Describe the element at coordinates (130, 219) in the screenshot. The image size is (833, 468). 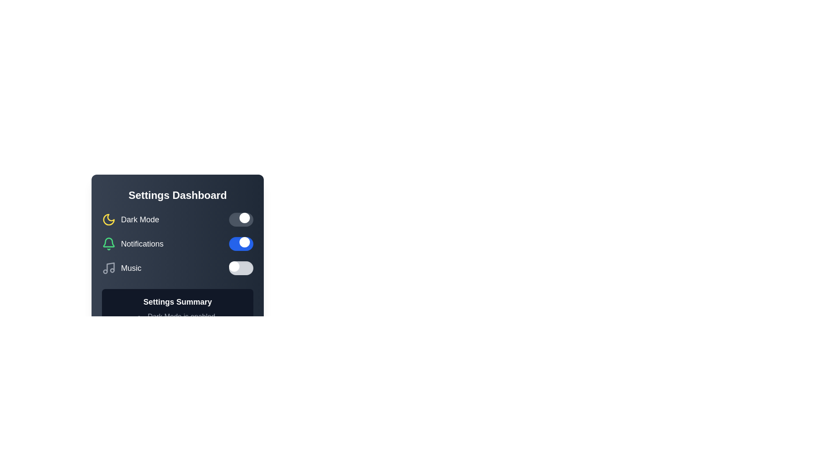
I see `text of the label associated with the yellow crescent moon icon, which states 'Dark Mode', located at the top-left of the settings panel` at that location.